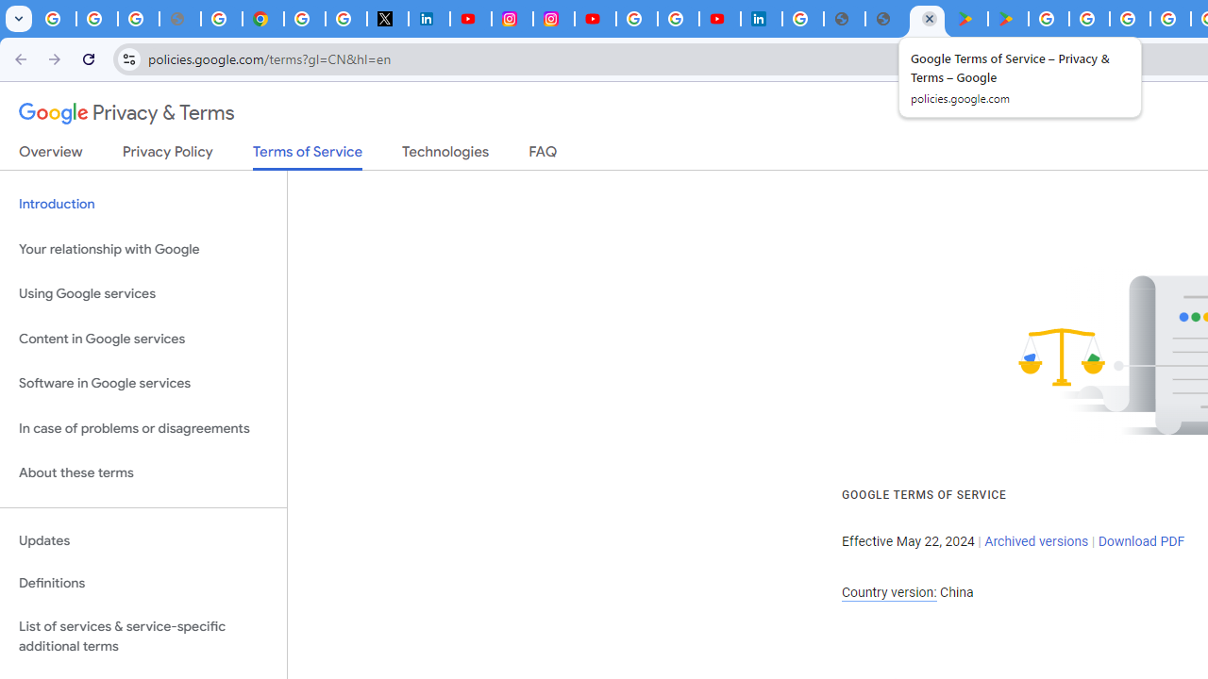 The width and height of the screenshot is (1208, 679). I want to click on 'Content in Google services', so click(143, 338).